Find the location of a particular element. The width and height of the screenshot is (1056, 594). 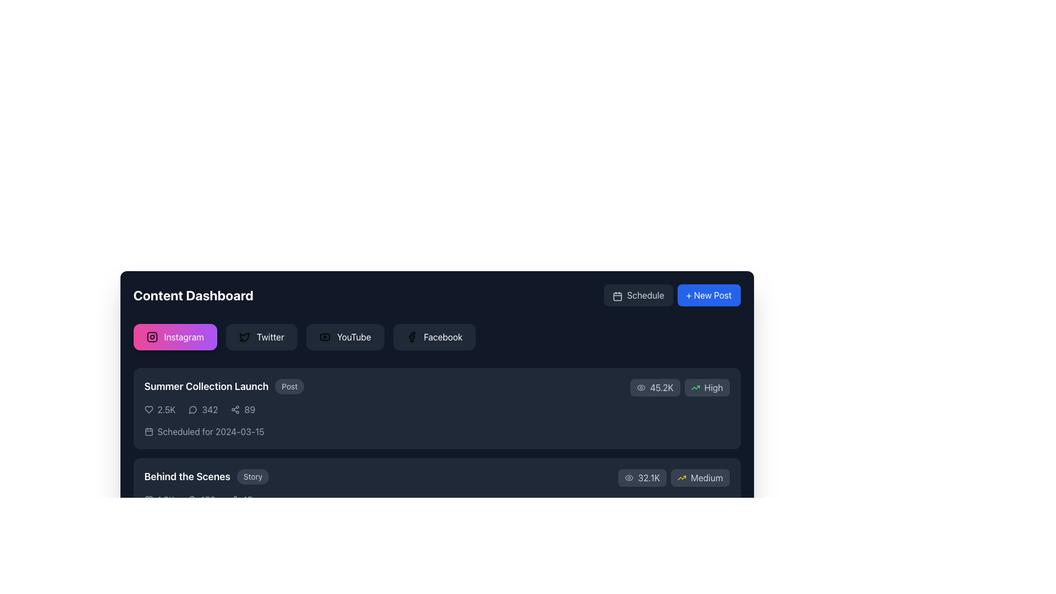

the calendar icon, which is a minimal, monochromatic square outline with a header and grid shapes, located to the left of the text 'Scheduled for 2024-03-15' is located at coordinates (148, 431).